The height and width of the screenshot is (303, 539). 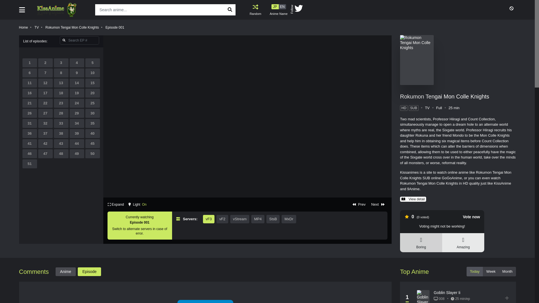 What do you see at coordinates (45, 133) in the screenshot?
I see `'37'` at bounding box center [45, 133].